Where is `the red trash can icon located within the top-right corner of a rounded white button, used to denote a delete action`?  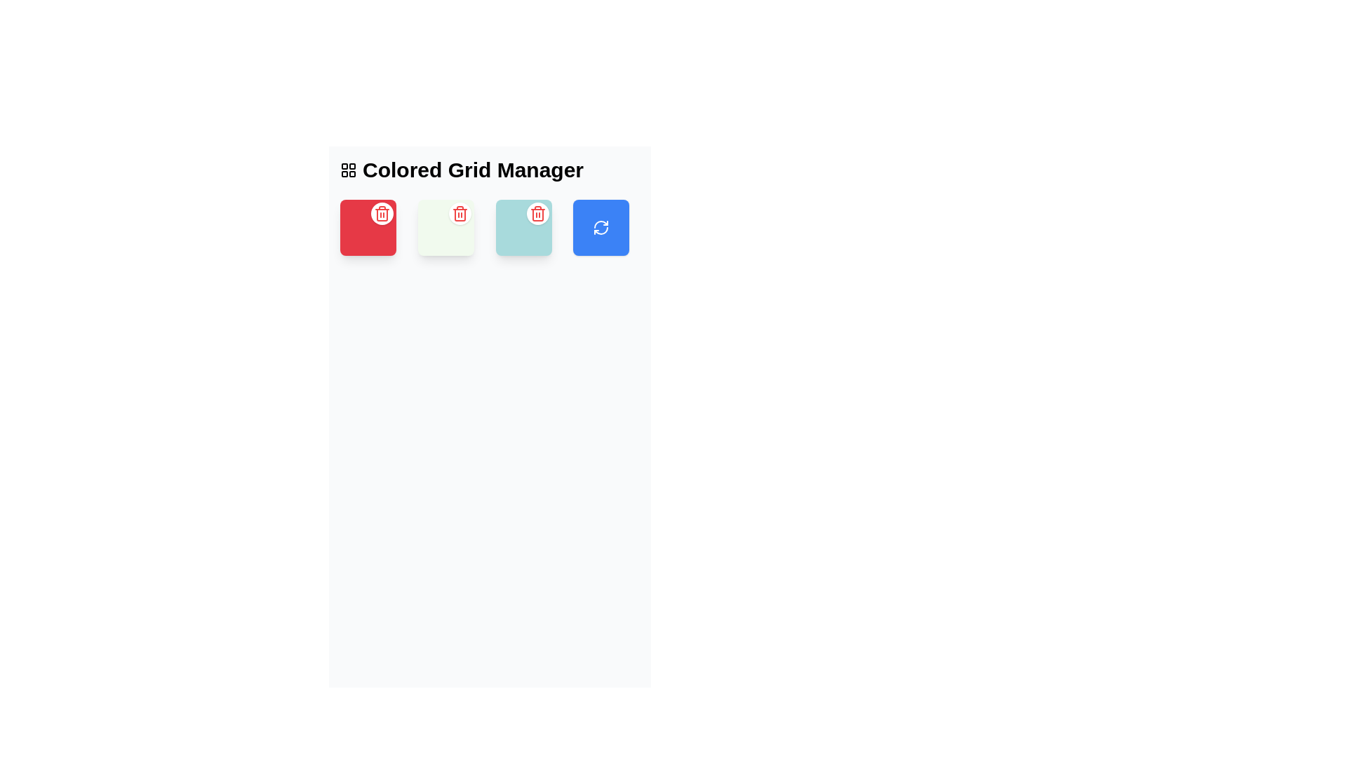 the red trash can icon located within the top-right corner of a rounded white button, used to denote a delete action is located at coordinates (460, 213).